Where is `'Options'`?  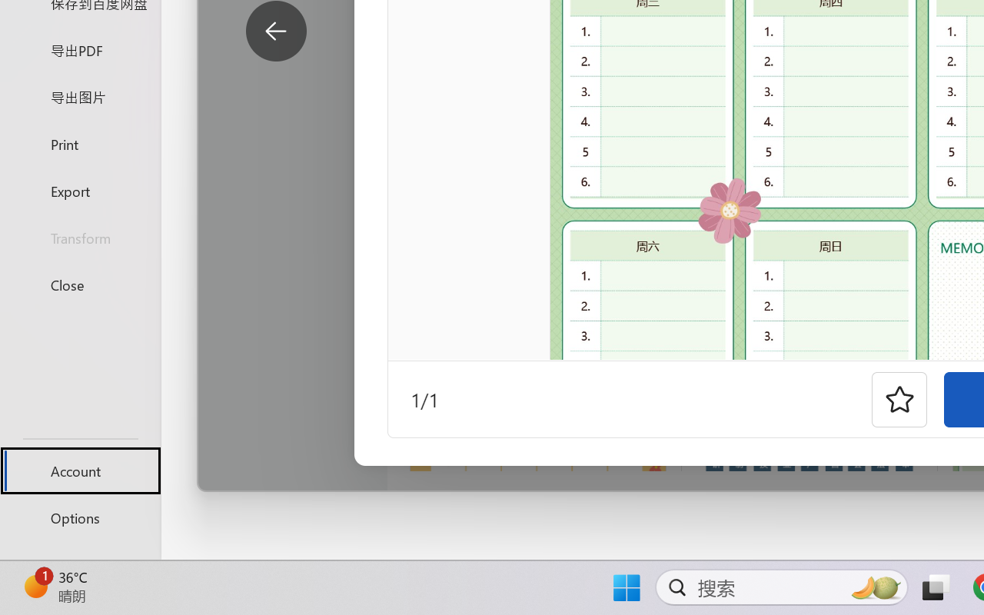 'Options' is located at coordinates (79, 517).